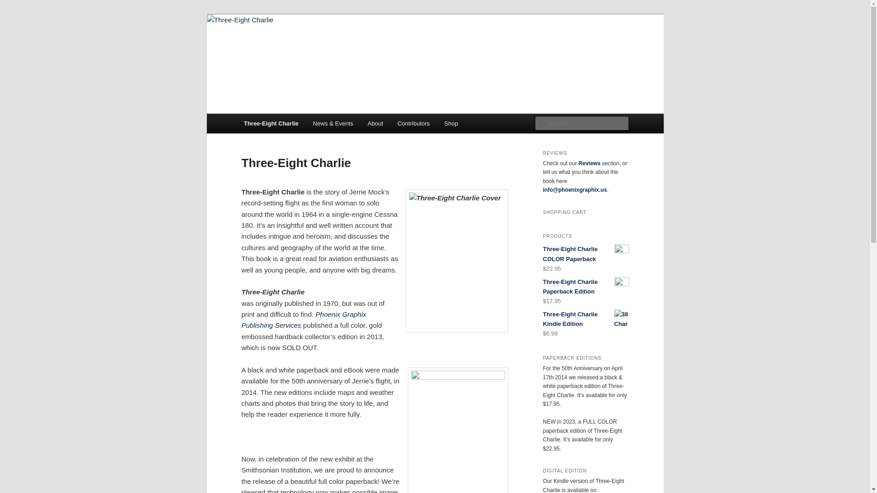  I want to click on 'Three-Eight Charlie Paperback Edition', so click(585, 286).